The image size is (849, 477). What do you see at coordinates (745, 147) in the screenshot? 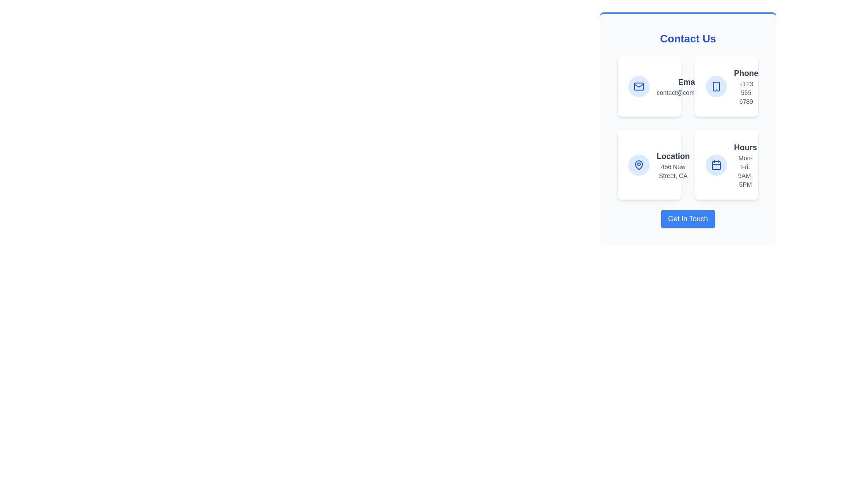
I see `header text label that describes the operating hours information, located above the text 'Mon-Fri: 9AM-5PM' in the lower-right section of the card` at bounding box center [745, 147].